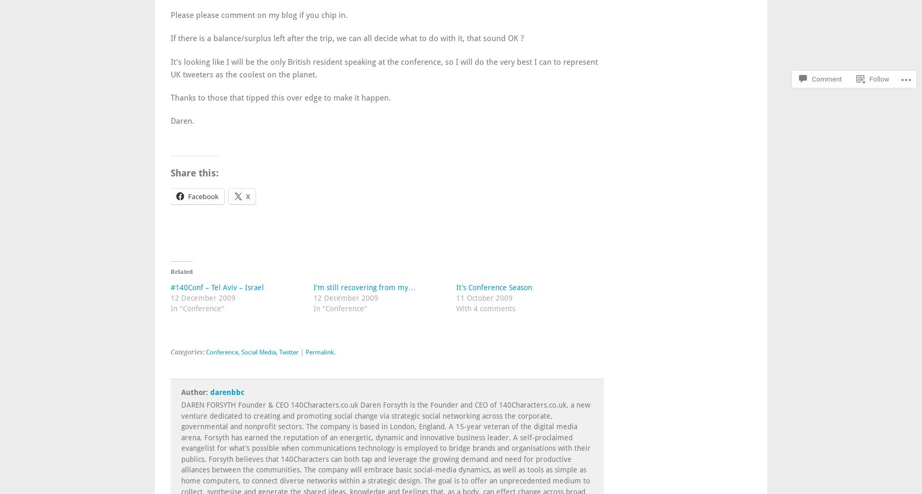 The width and height of the screenshot is (922, 494). I want to click on 'If there is a balance/surplus left after the trip, we can all decide what to do with it, that sound OK ?', so click(347, 38).